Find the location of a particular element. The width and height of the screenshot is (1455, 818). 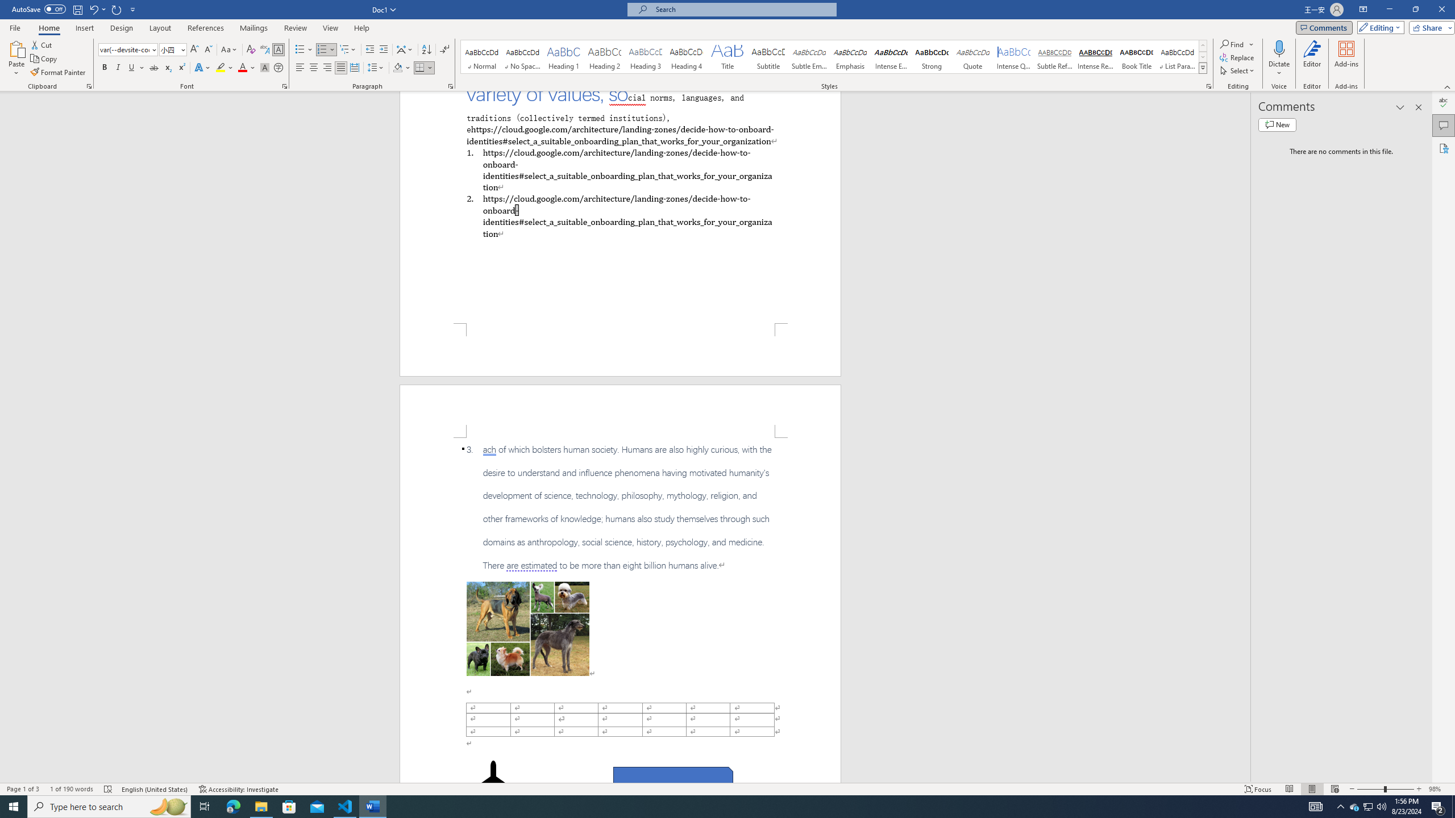

'Strikethrough' is located at coordinates (153, 67).